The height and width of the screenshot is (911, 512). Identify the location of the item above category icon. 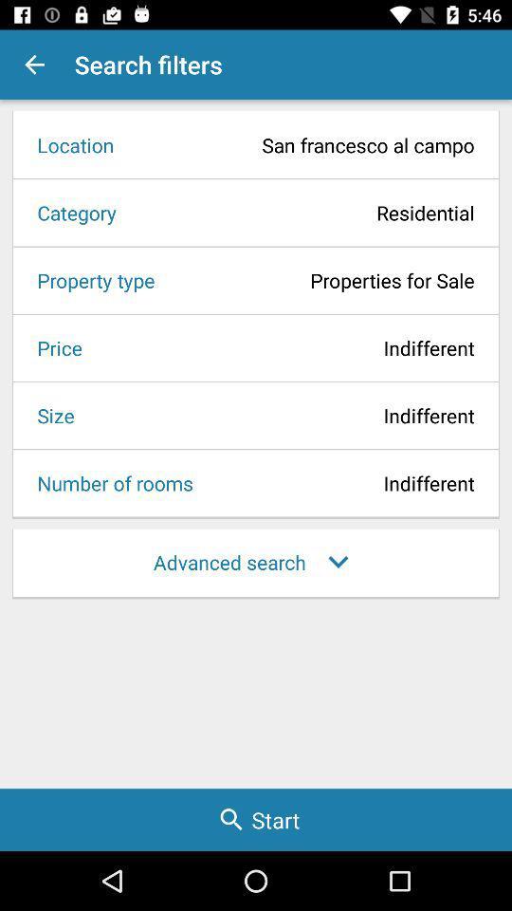
(68, 144).